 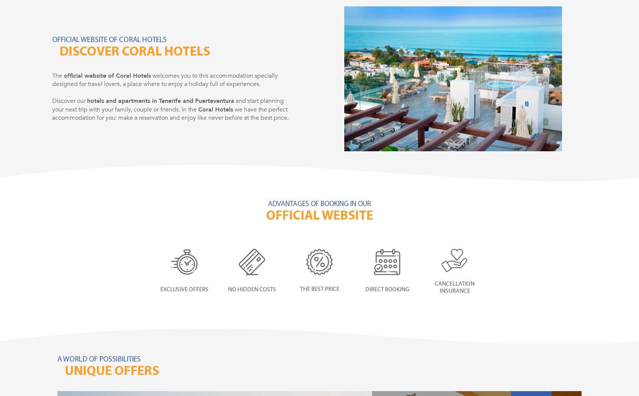 What do you see at coordinates (216, 109) in the screenshot?
I see `'Coral Hotels'` at bounding box center [216, 109].